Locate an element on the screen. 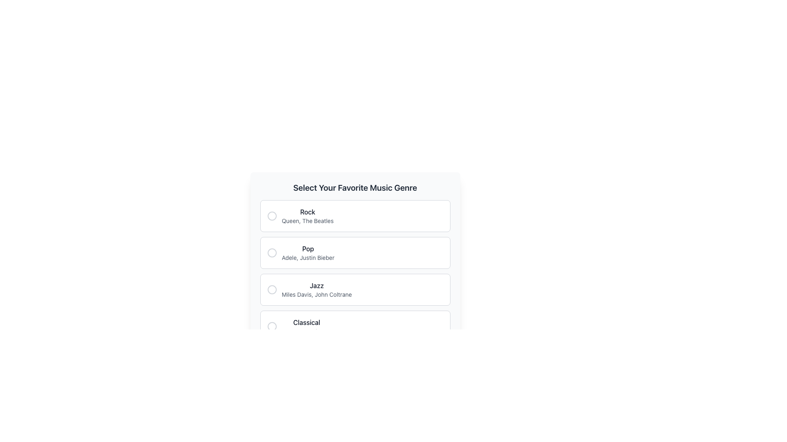  the informational text label that provides details about the 'Pop' music genre, which lists artists Adele and Justin Bieber is located at coordinates (307, 257).